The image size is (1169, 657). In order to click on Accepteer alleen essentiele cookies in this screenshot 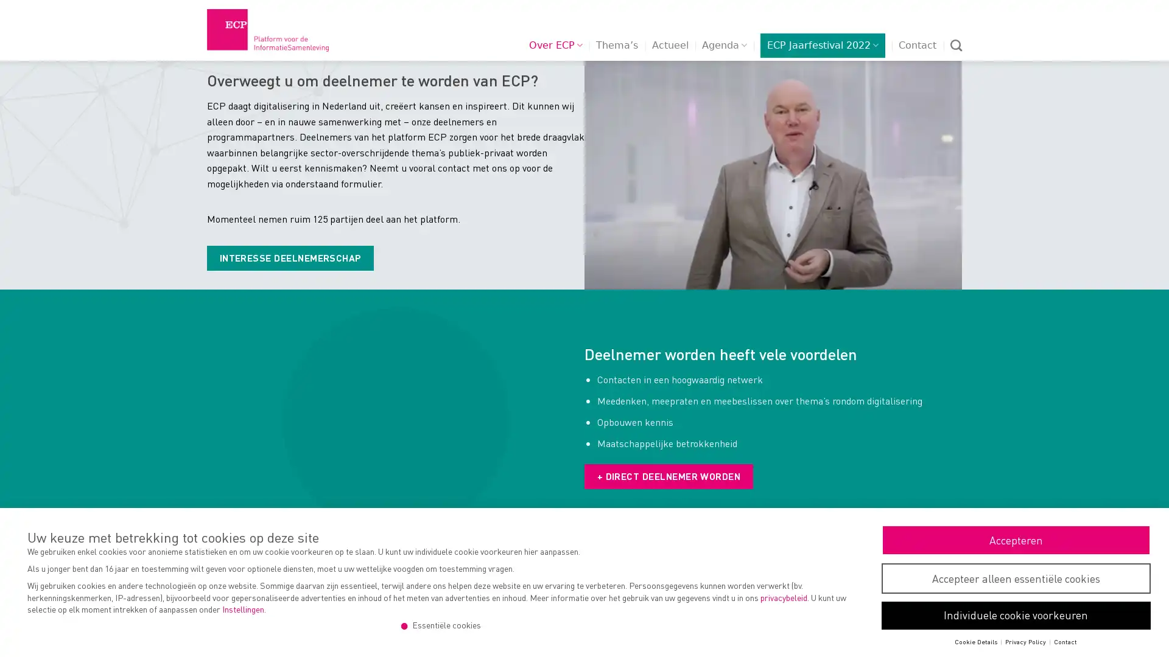, I will do `click(1016, 578)`.